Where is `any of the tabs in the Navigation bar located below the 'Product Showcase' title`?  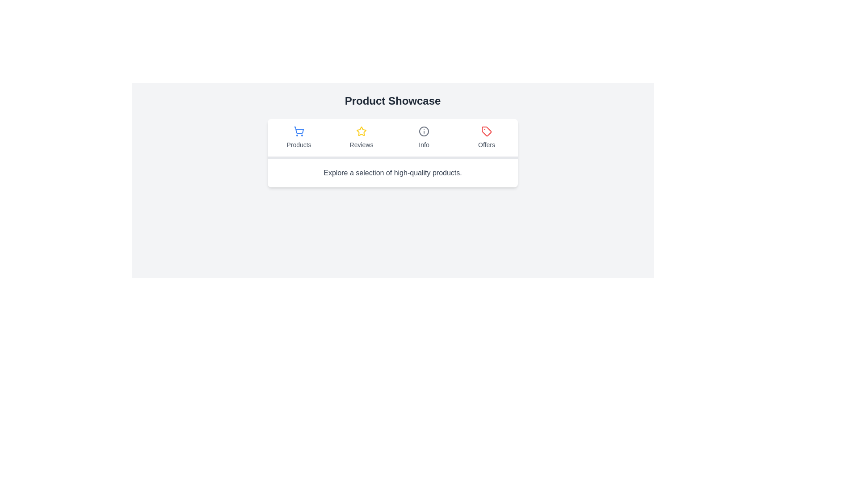 any of the tabs in the Navigation bar located below the 'Product Showcase' title is located at coordinates (392, 153).